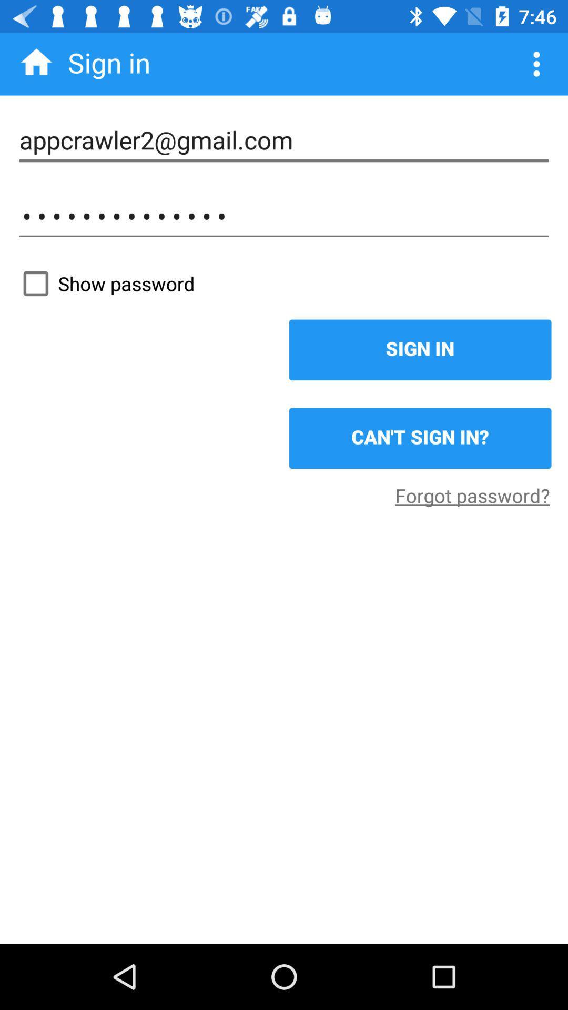 Image resolution: width=568 pixels, height=1010 pixels. What do you see at coordinates (420, 438) in the screenshot?
I see `the icon above forgot password?` at bounding box center [420, 438].